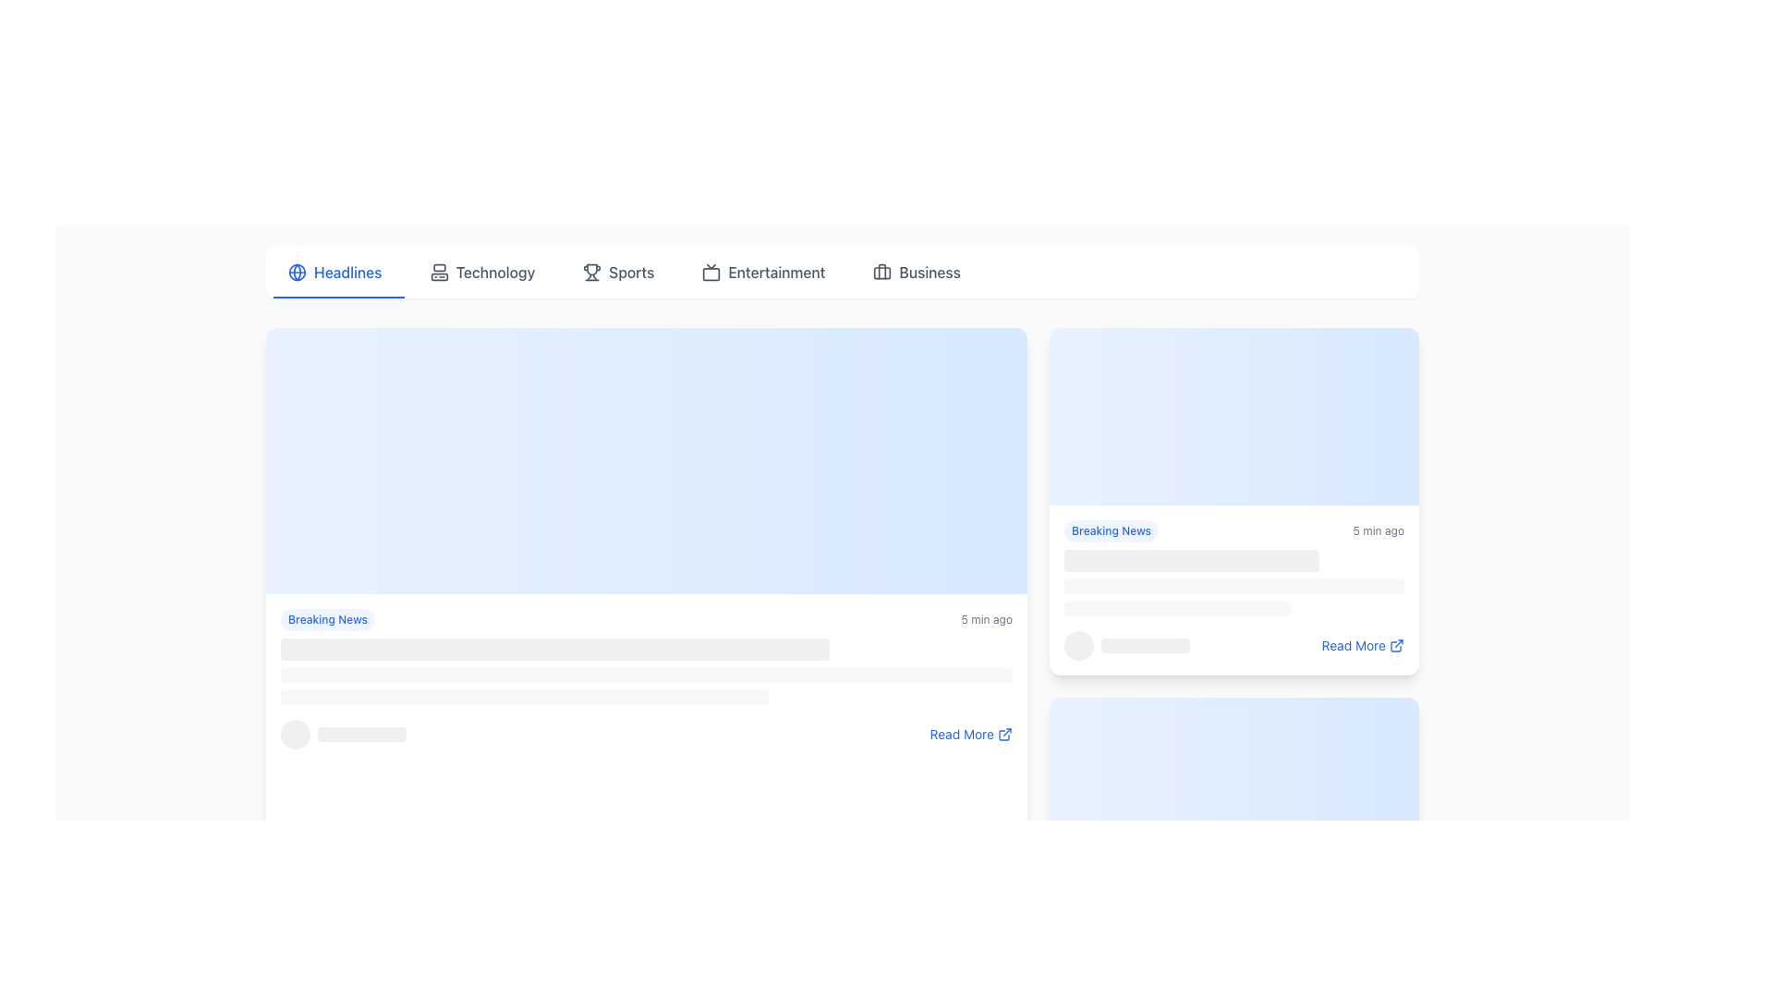 This screenshot has height=998, width=1774. I want to click on the 'Headlines' label in the navigation bar, so click(347, 272).